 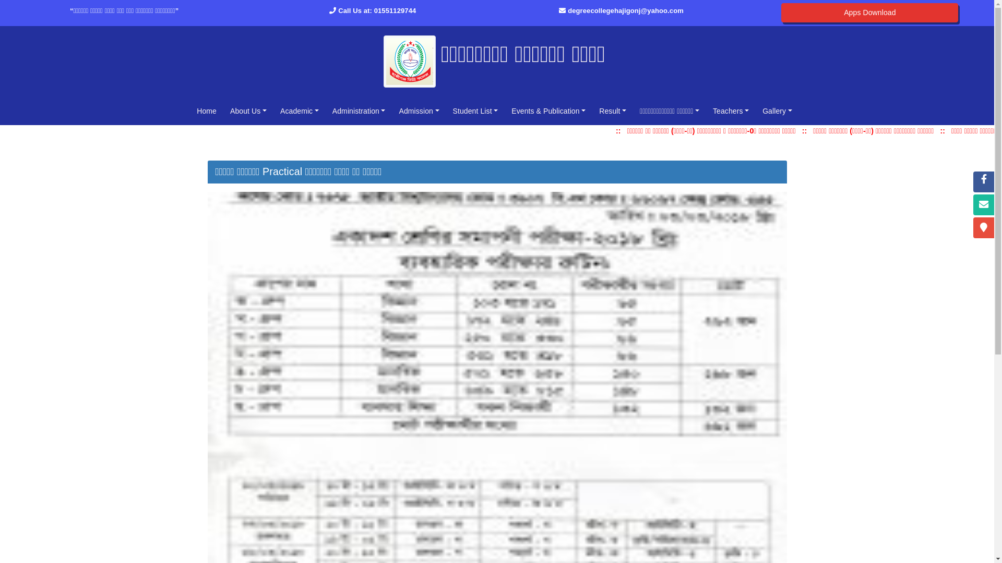 What do you see at coordinates (299, 111) in the screenshot?
I see `'Academic'` at bounding box center [299, 111].